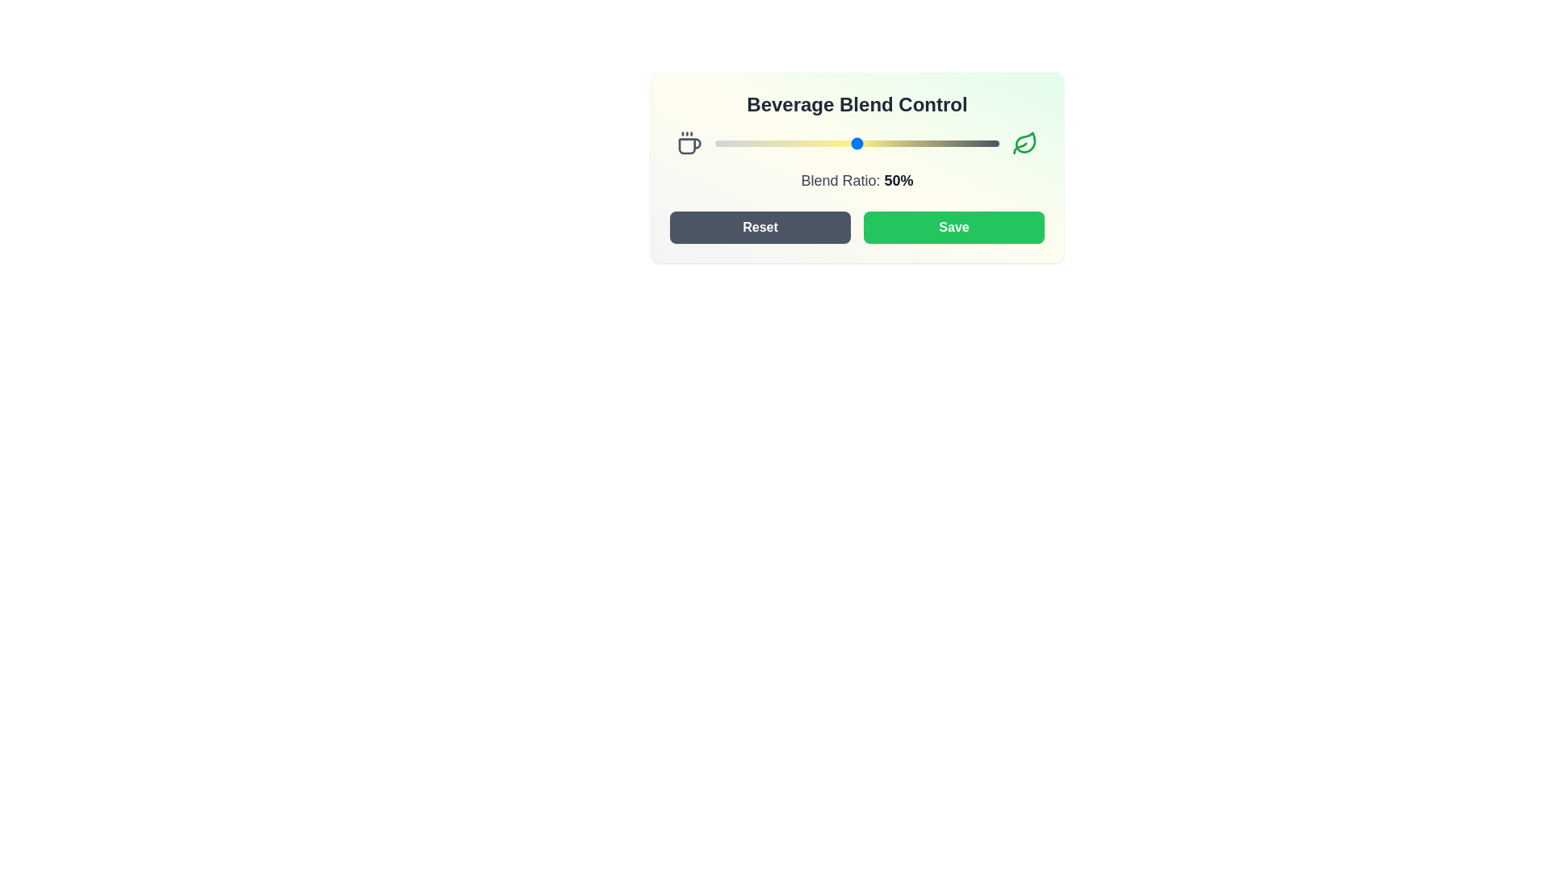 This screenshot has width=1550, height=872. What do you see at coordinates (953, 142) in the screenshot?
I see `the blend ratio to 84%` at bounding box center [953, 142].